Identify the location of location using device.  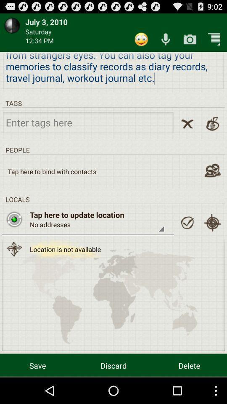
(212, 222).